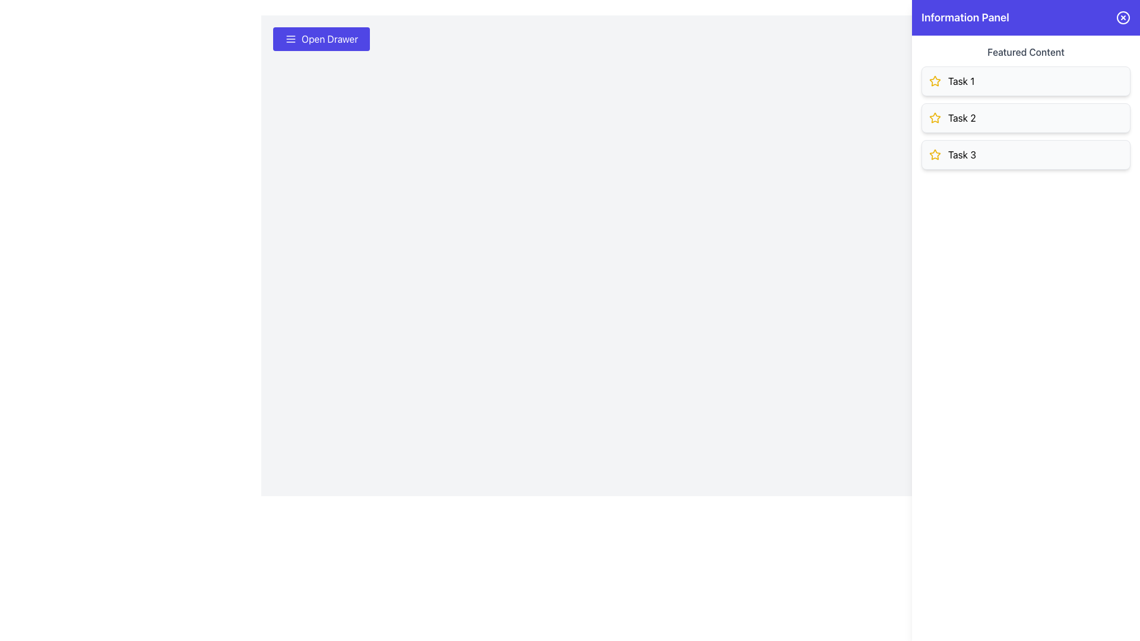 Image resolution: width=1140 pixels, height=641 pixels. I want to click on the star icon with a yellow outline and white fill, associated with the label 'Task 3', so click(934, 154).